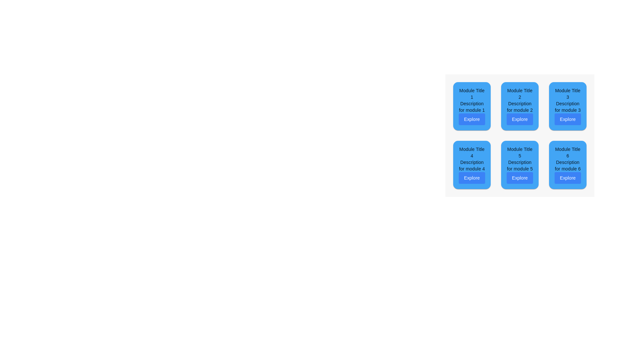 Image resolution: width=626 pixels, height=352 pixels. Describe the element at coordinates (567, 119) in the screenshot. I see `the interactive button located in the third card of the first row under the text 'Module Title 3' and 'Description for module 3'` at that location.